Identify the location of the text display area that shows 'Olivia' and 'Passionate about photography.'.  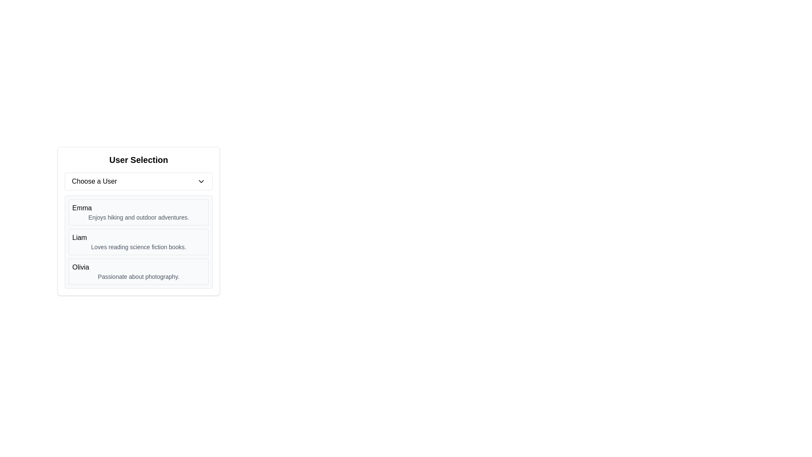
(138, 271).